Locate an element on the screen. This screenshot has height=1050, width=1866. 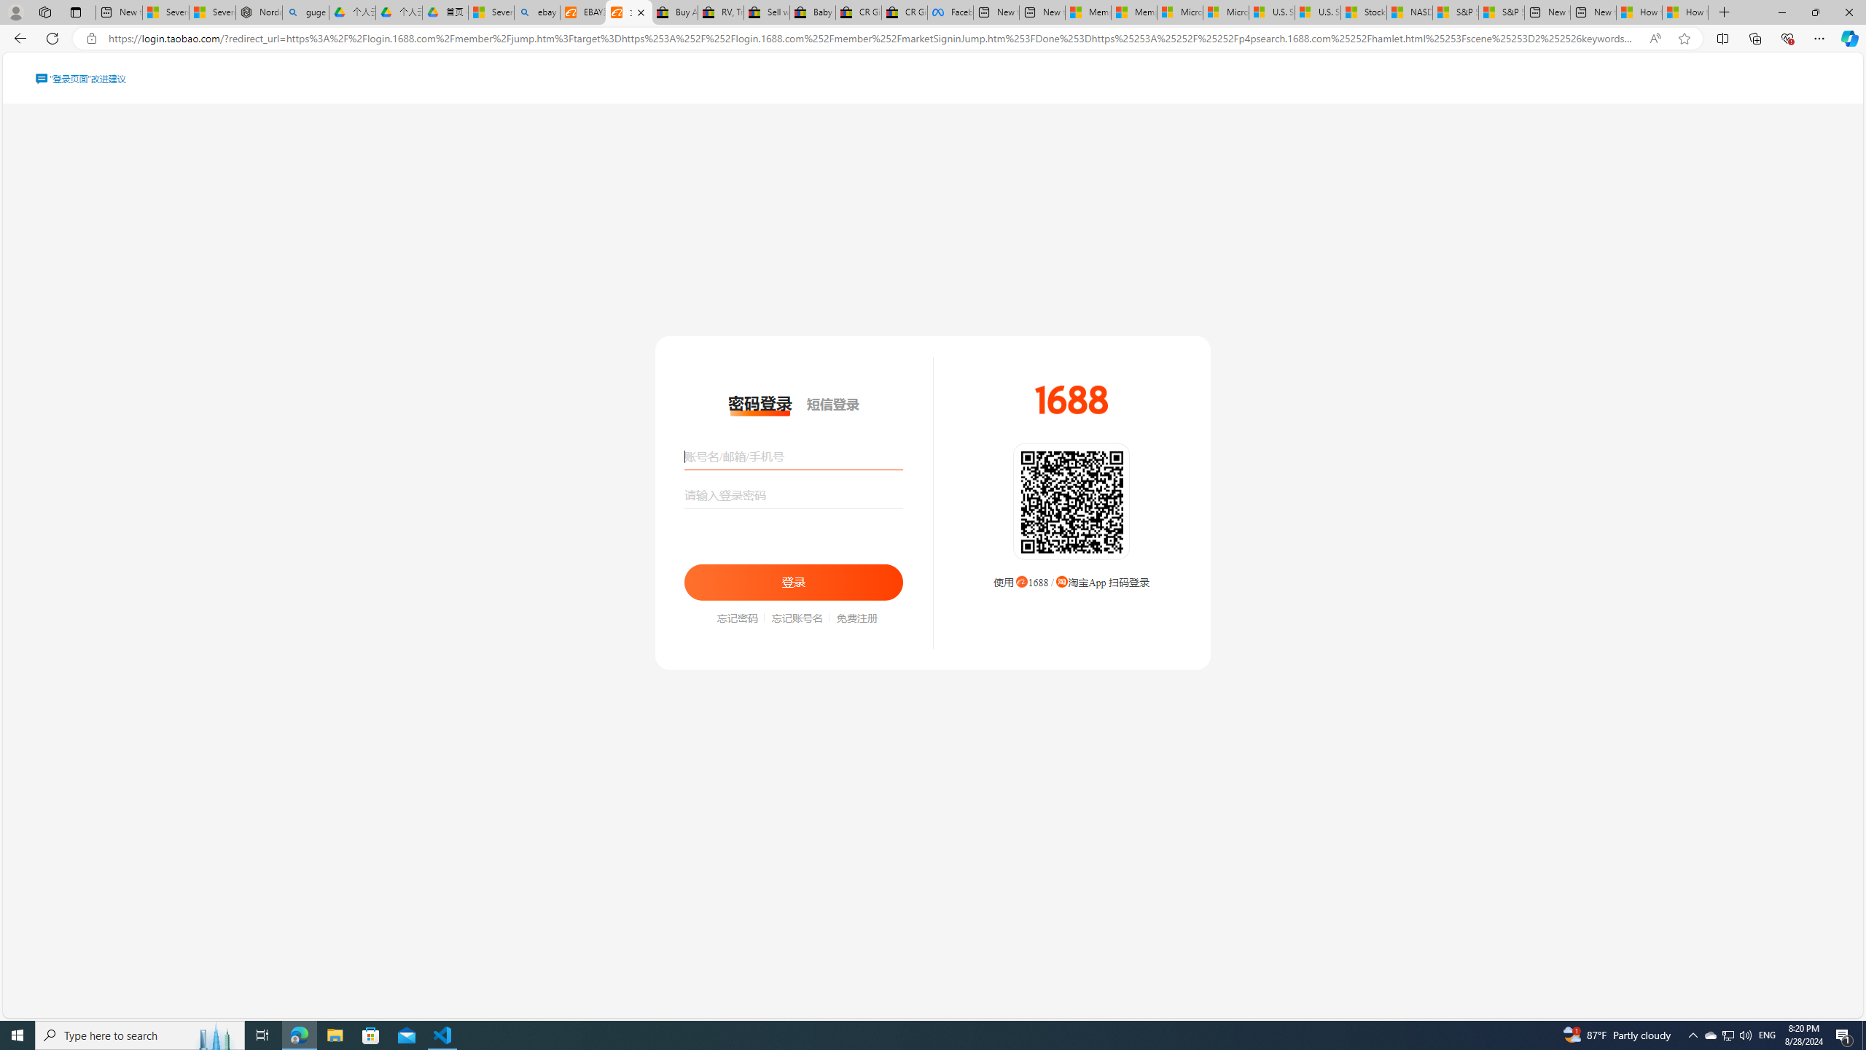
'Address and search bar' is located at coordinates (873, 39).